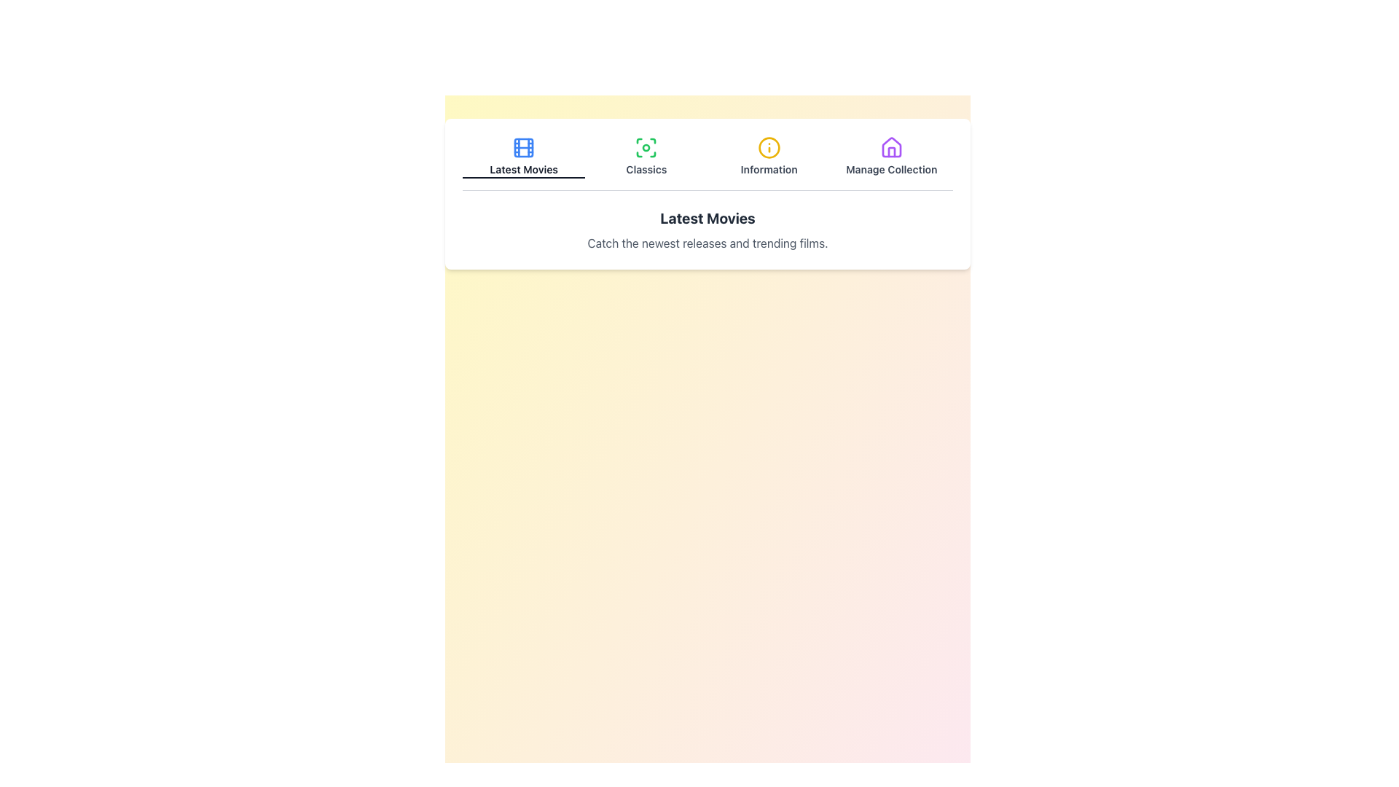  Describe the element at coordinates (768, 148) in the screenshot. I see `the center circle of the 'Information' icon in the navigation bar, which is the third icon from the left, located between the 'Classics' and 'Manage Collection' icons` at that location.